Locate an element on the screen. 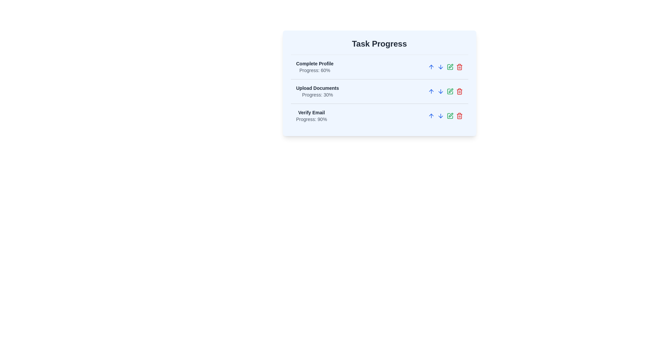  the arrow button styled as an SVG icon used for reordering tasks in the 'Task Progress' section of the 'Complete Profile' task is located at coordinates (440, 67).